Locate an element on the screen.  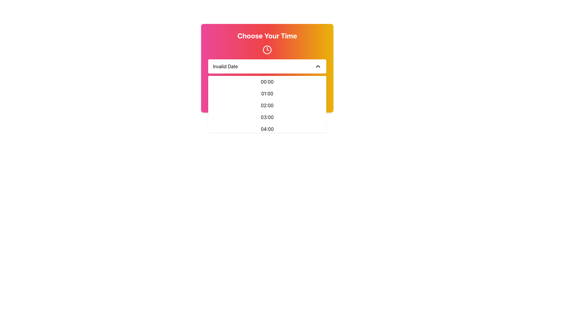
the fifth item in the dropdown list is located at coordinates (267, 128).